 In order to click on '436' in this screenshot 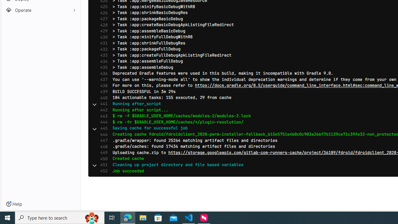, I will do `click(102, 73)`.